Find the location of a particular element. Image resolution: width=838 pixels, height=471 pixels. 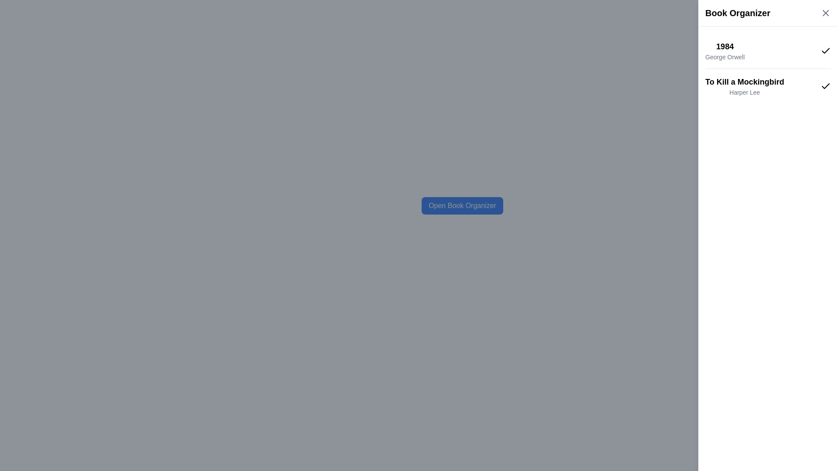

the first book entry in the Book Organizer interface is located at coordinates (725, 51).